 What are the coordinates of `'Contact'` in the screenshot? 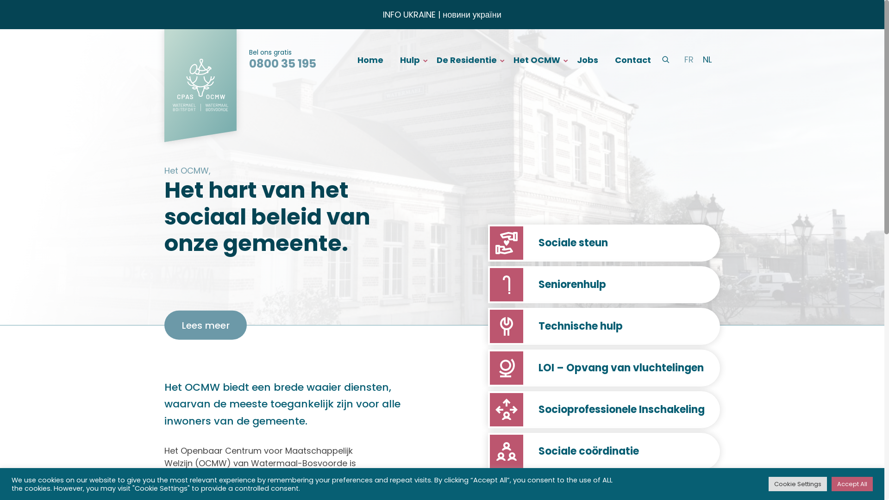 It's located at (615, 59).